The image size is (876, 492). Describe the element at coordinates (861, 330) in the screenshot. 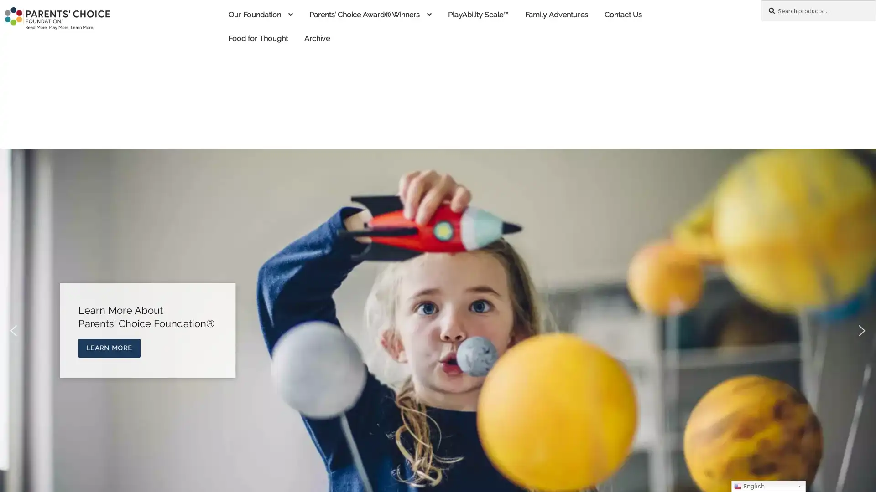

I see `next arrow` at that location.